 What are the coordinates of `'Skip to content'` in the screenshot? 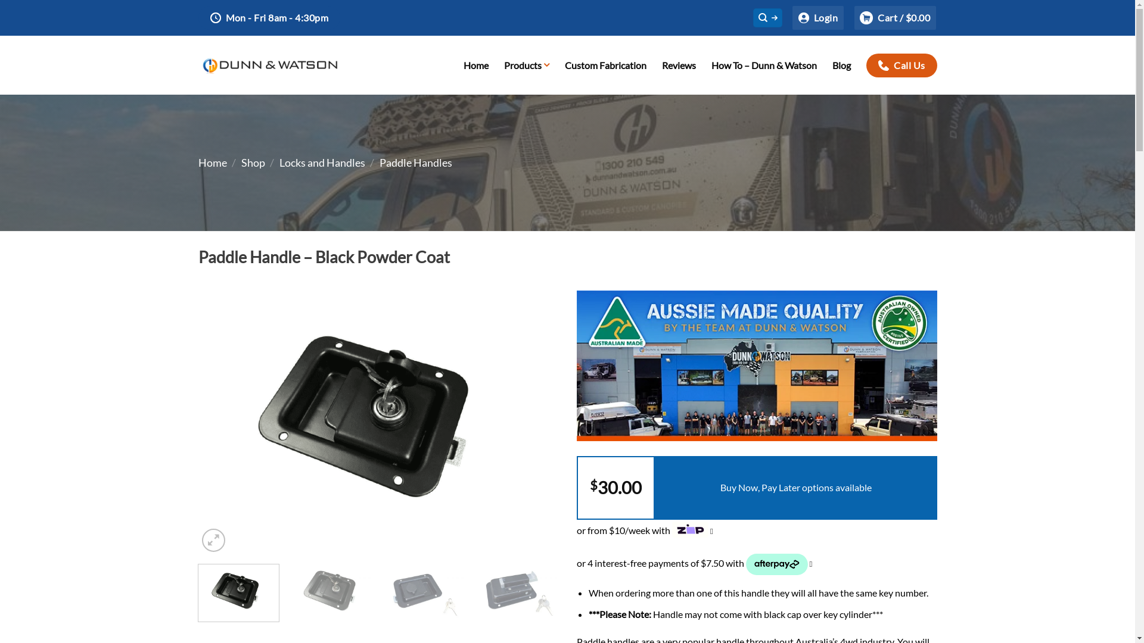 It's located at (0, 0).